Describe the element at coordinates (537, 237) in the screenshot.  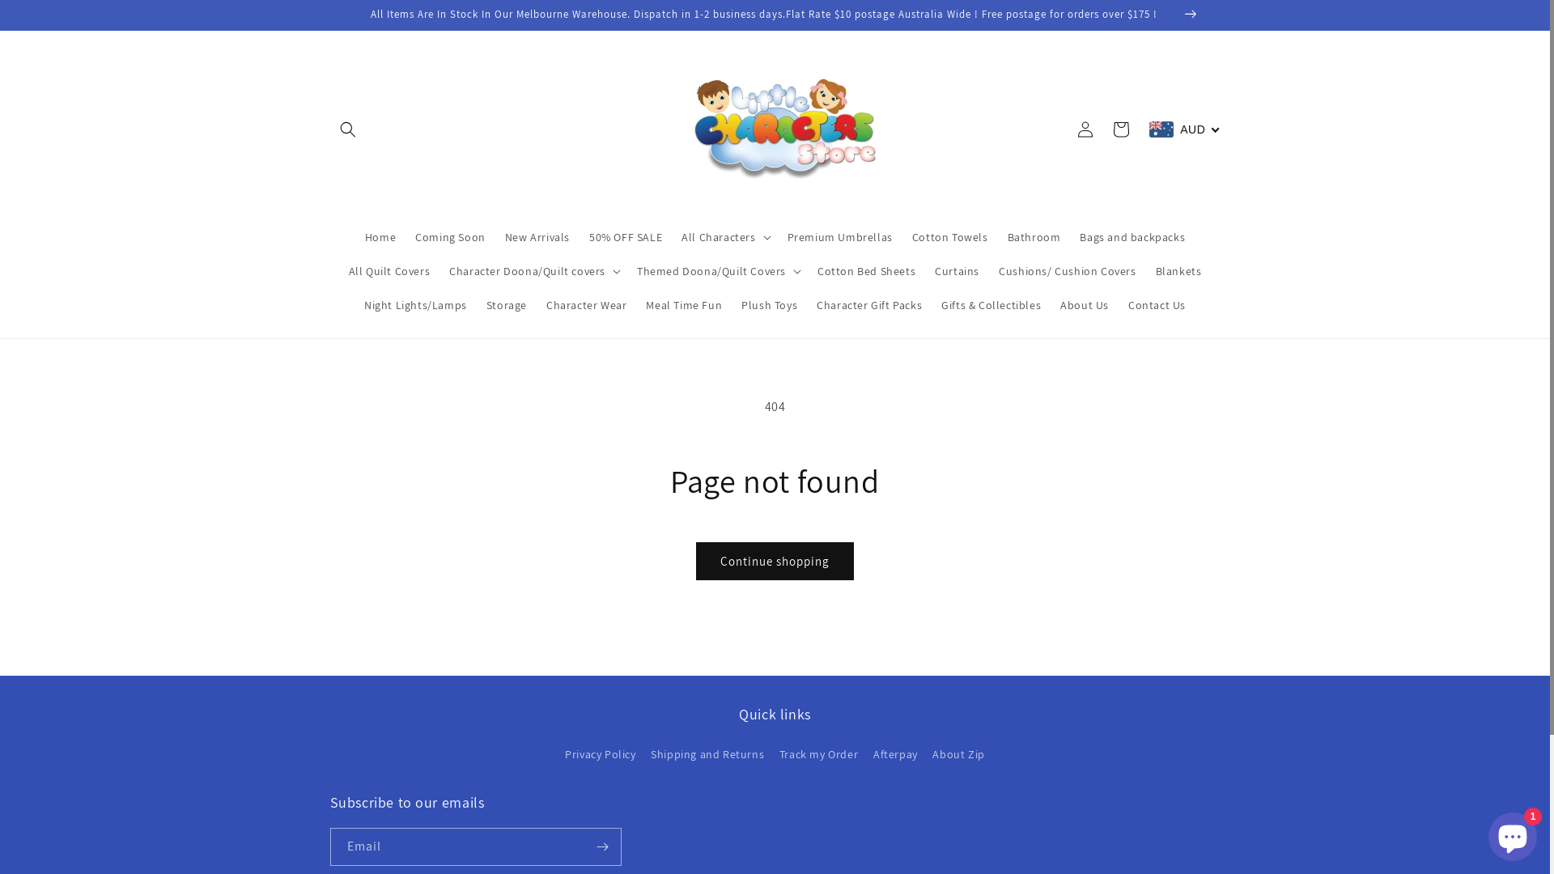
I see `'New Arrivals'` at that location.